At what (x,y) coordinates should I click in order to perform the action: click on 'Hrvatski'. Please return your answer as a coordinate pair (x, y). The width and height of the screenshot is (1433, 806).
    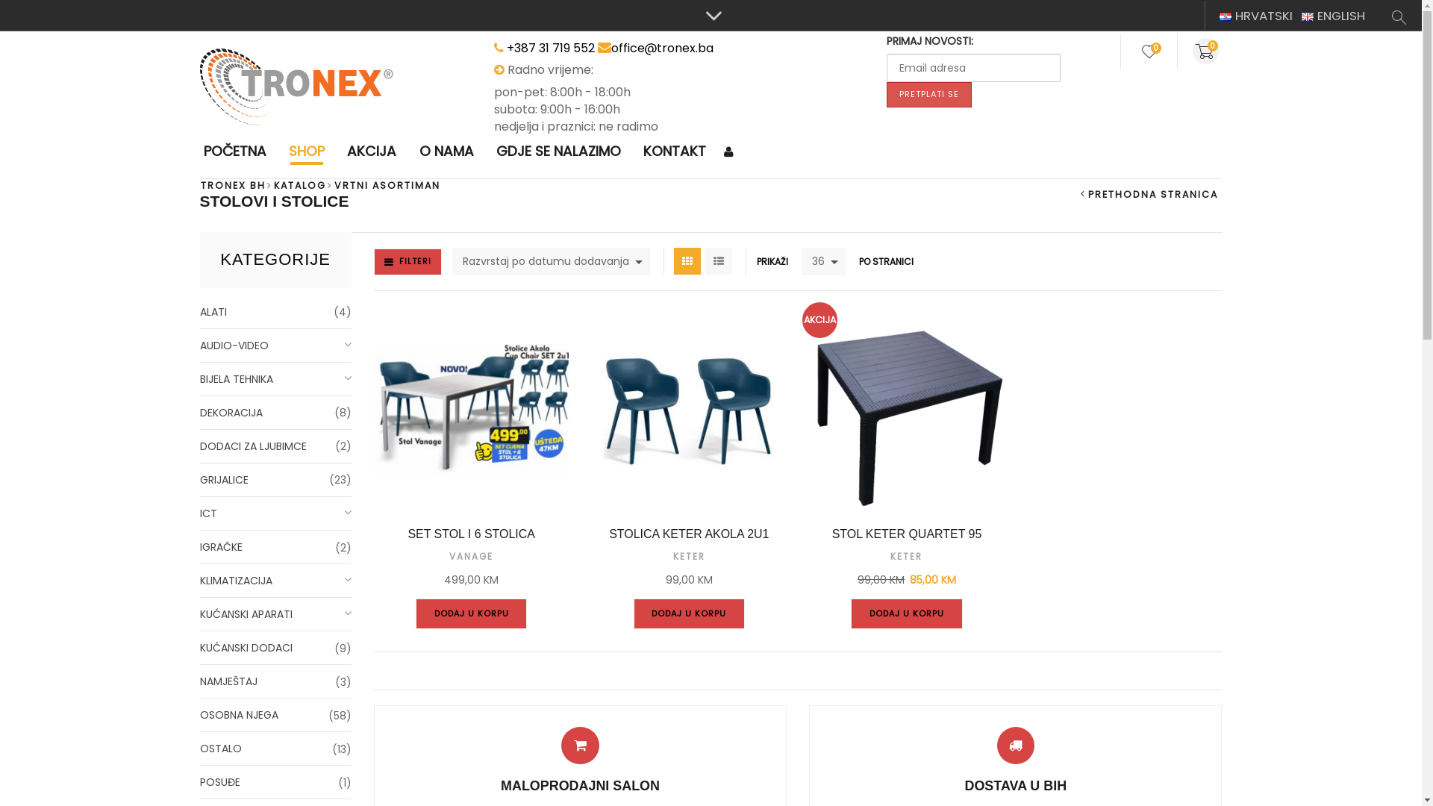
    Looking at the image, I should click on (1219, 16).